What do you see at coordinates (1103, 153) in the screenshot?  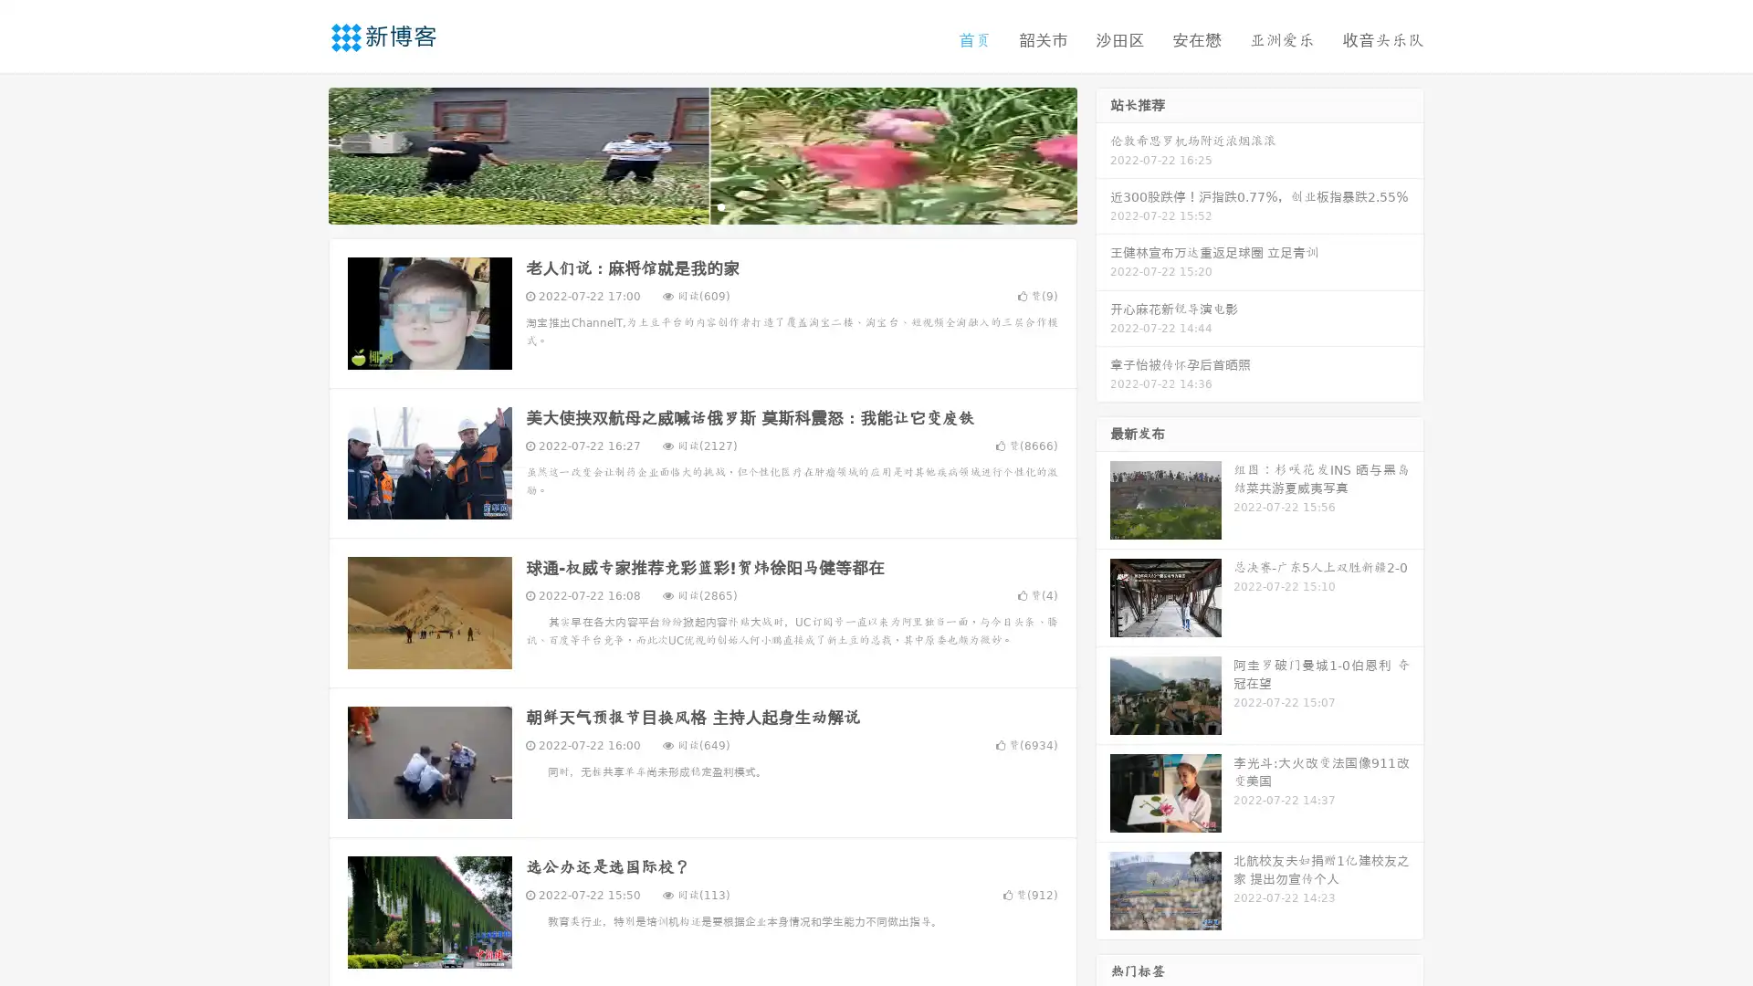 I see `Next slide` at bounding box center [1103, 153].